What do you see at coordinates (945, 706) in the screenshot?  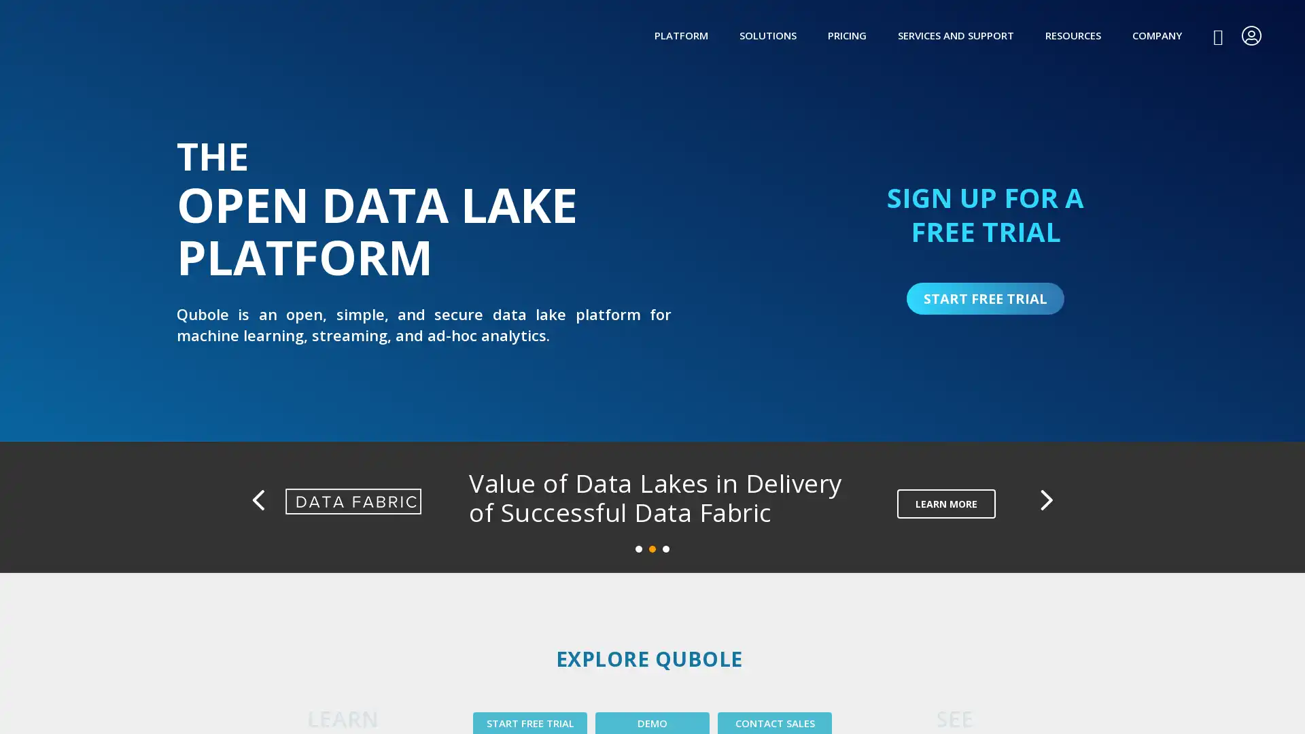 I see `Cookie Settings` at bounding box center [945, 706].